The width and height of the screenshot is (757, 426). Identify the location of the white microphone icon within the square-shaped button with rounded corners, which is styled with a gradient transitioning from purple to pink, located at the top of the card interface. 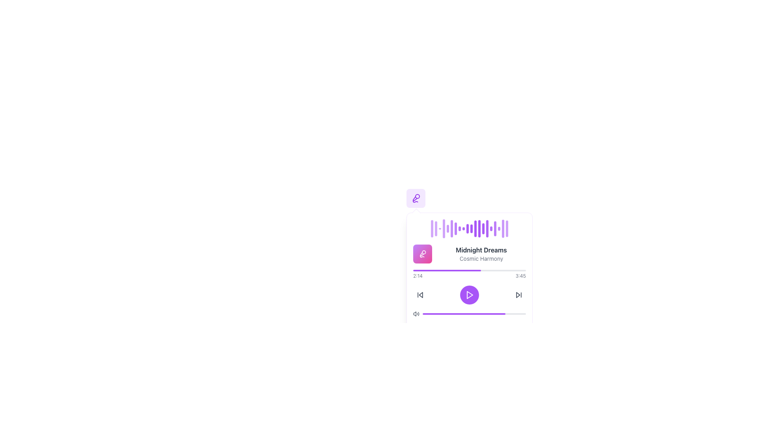
(422, 254).